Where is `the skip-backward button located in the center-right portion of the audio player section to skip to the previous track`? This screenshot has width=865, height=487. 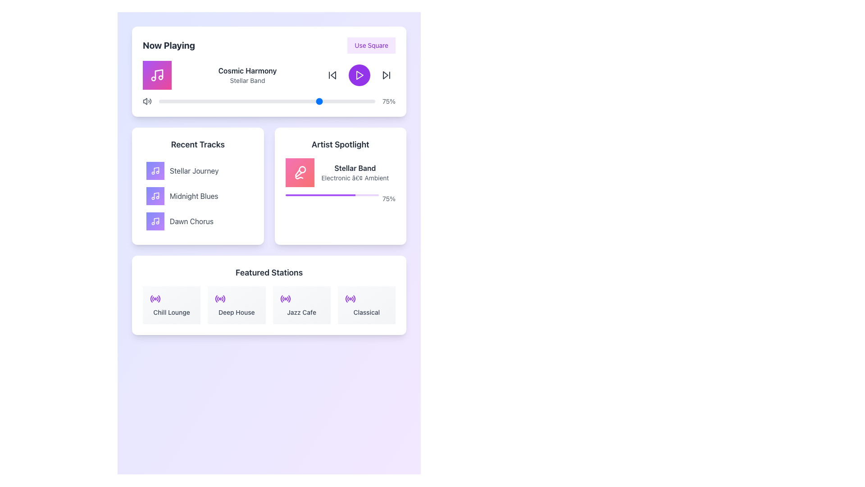
the skip-backward button located in the center-right portion of the audio player section to skip to the previous track is located at coordinates (332, 74).